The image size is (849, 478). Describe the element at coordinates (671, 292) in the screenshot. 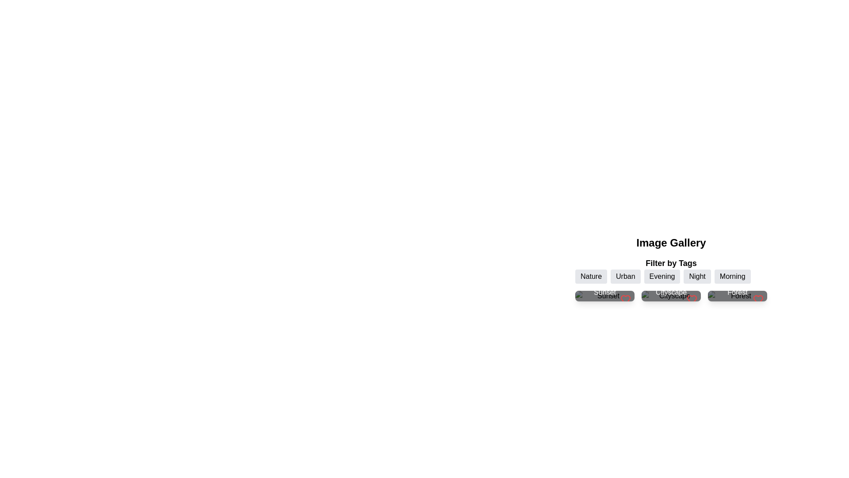

I see `the label/text display located at the bottom of the second image card from the left in a horizontal grid layout` at that location.